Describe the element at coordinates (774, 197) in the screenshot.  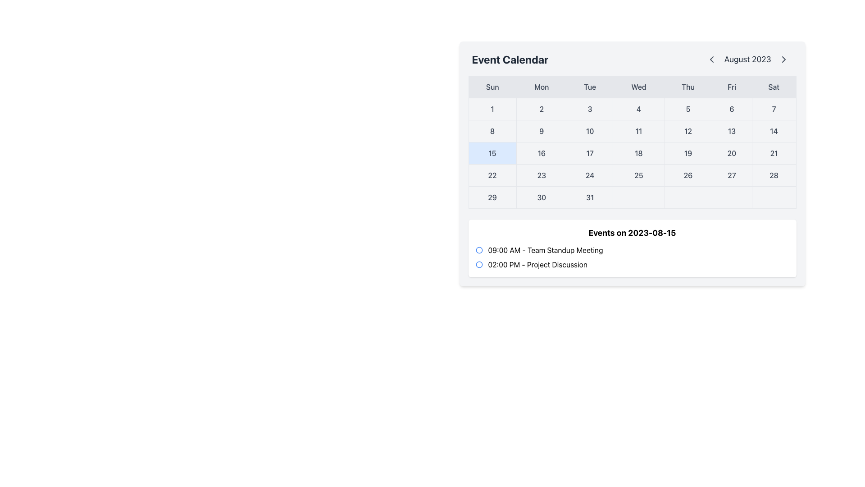
I see `the Interactive Indicator in the bottom-most row of the Saturday column` at that location.